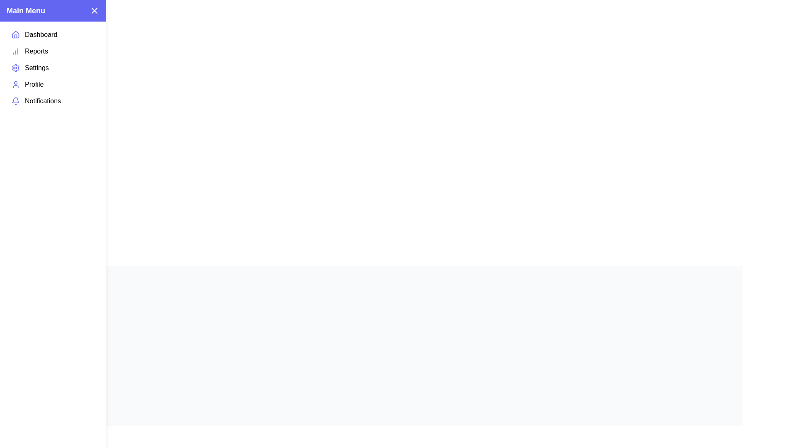 This screenshot has height=448, width=796. I want to click on the 'Settings' menu item located, so click(53, 68).